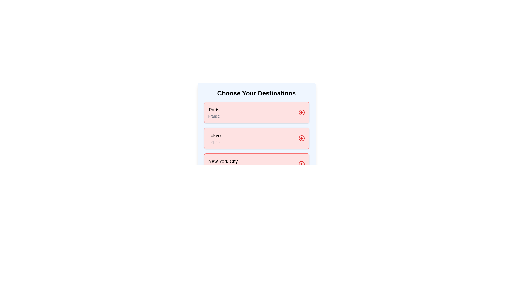 The image size is (506, 284). Describe the element at coordinates (256, 112) in the screenshot. I see `the first selectable card representing the destination 'Paris'` at that location.